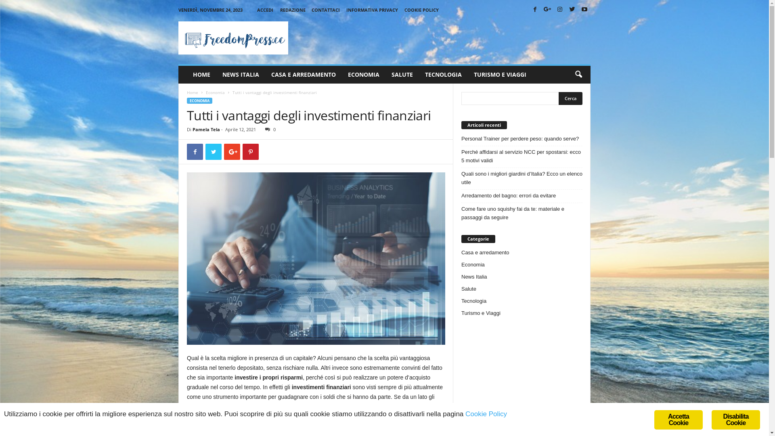 This screenshot has width=775, height=436. What do you see at coordinates (461, 301) in the screenshot?
I see `'Tecnologia'` at bounding box center [461, 301].